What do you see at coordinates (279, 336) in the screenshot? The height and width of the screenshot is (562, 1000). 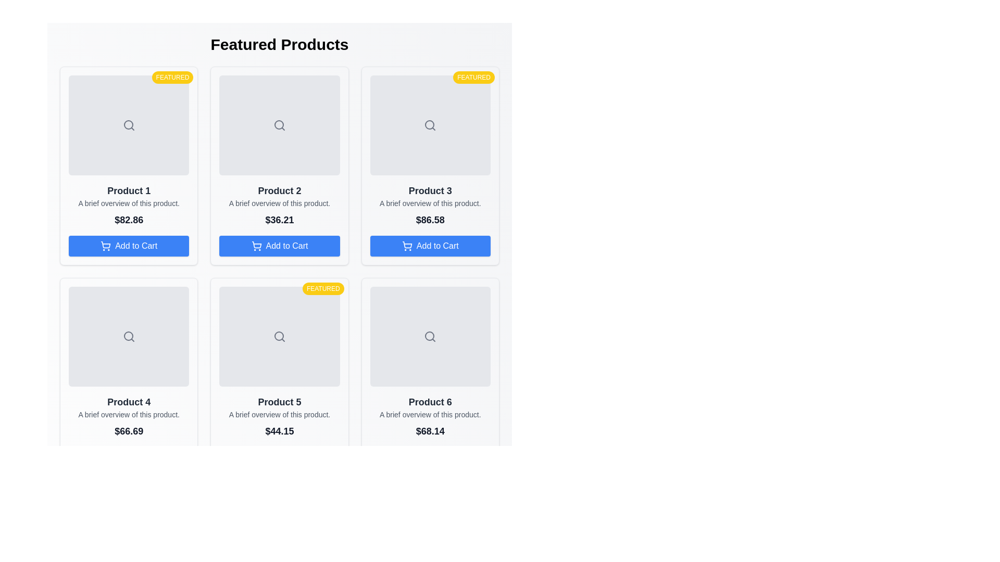 I see `the circular shape representing the lens of the magnifying glass icon located at the center of the 'Product 5' card` at bounding box center [279, 336].